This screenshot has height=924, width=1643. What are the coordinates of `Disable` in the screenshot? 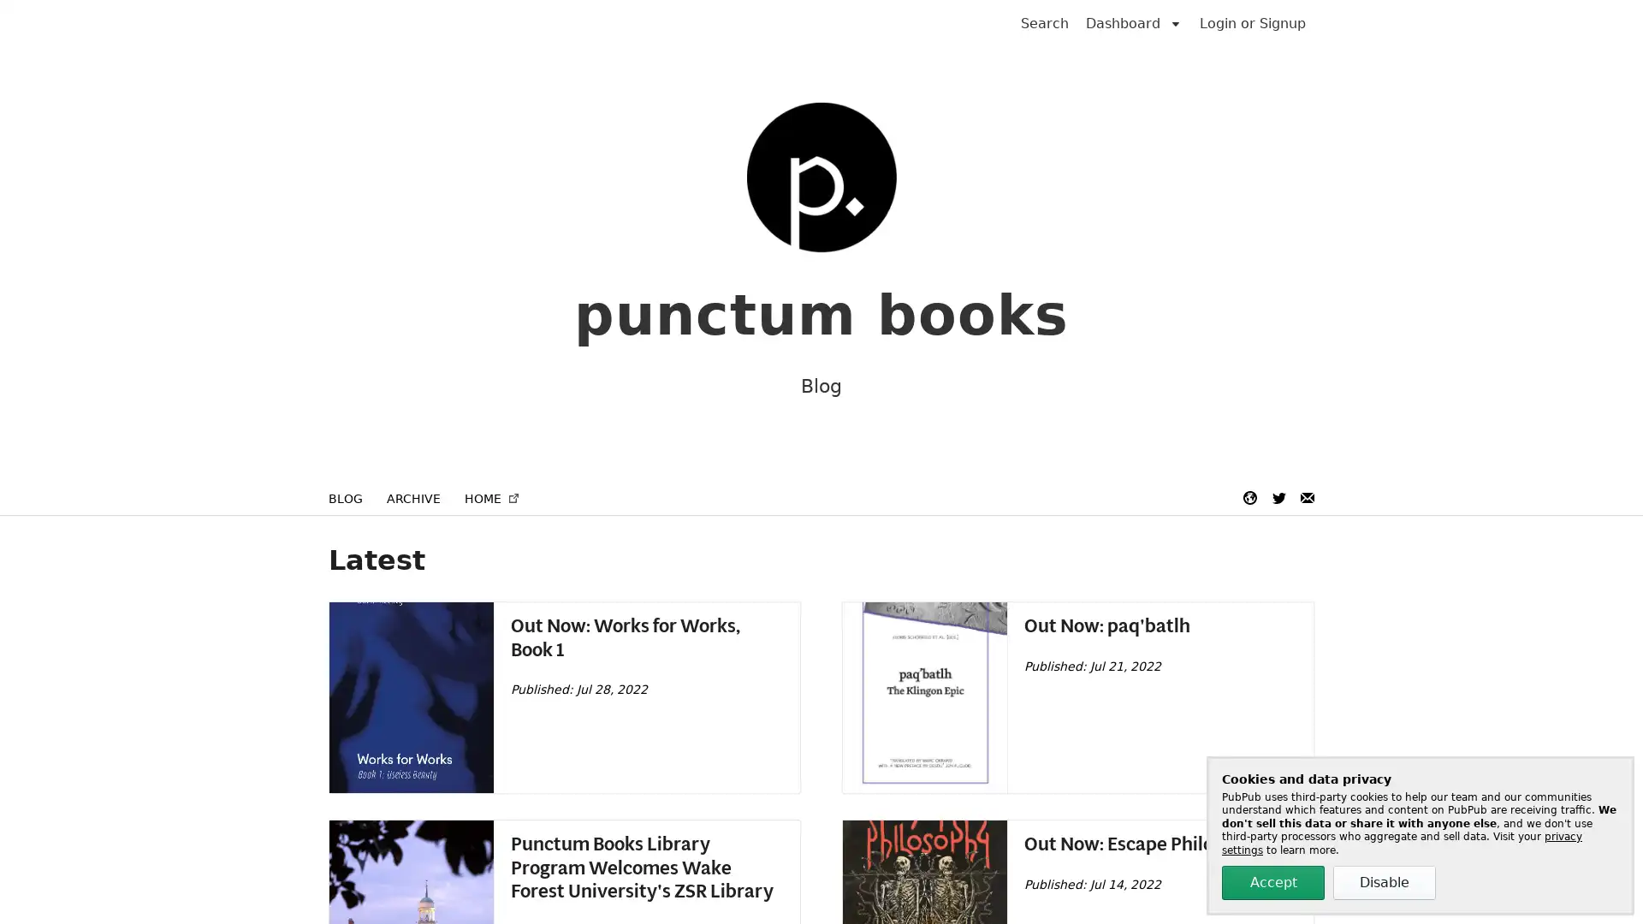 It's located at (1384, 883).